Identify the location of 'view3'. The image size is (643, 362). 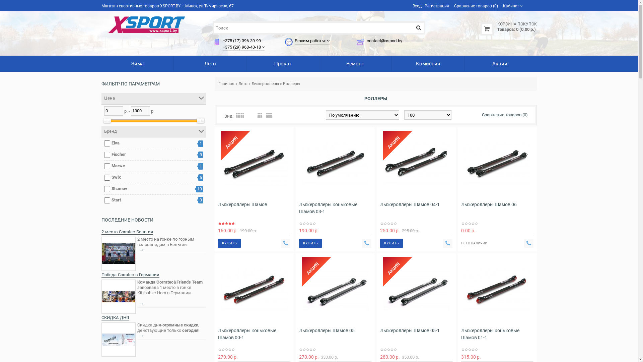
(259, 115).